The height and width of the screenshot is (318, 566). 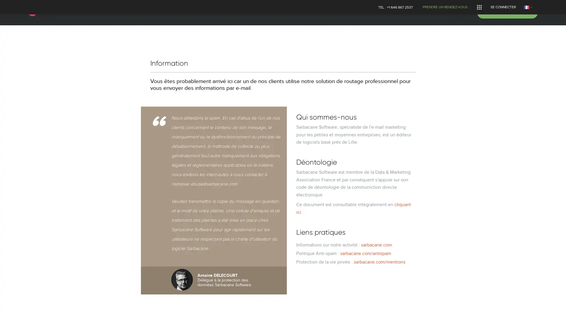 What do you see at coordinates (282, 189) in the screenshot?
I see `Consentements certifies par` at bounding box center [282, 189].